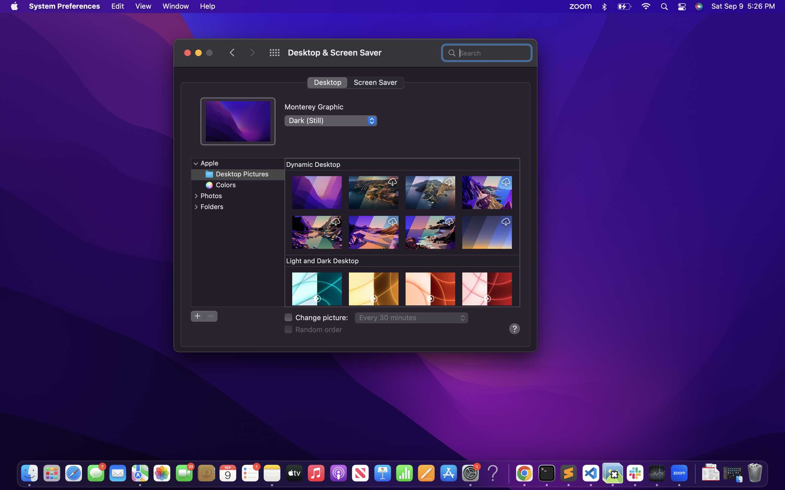 This screenshot has width=785, height=490. What do you see at coordinates (375, 82) in the screenshot?
I see `Go to screen saver tab of the settings` at bounding box center [375, 82].